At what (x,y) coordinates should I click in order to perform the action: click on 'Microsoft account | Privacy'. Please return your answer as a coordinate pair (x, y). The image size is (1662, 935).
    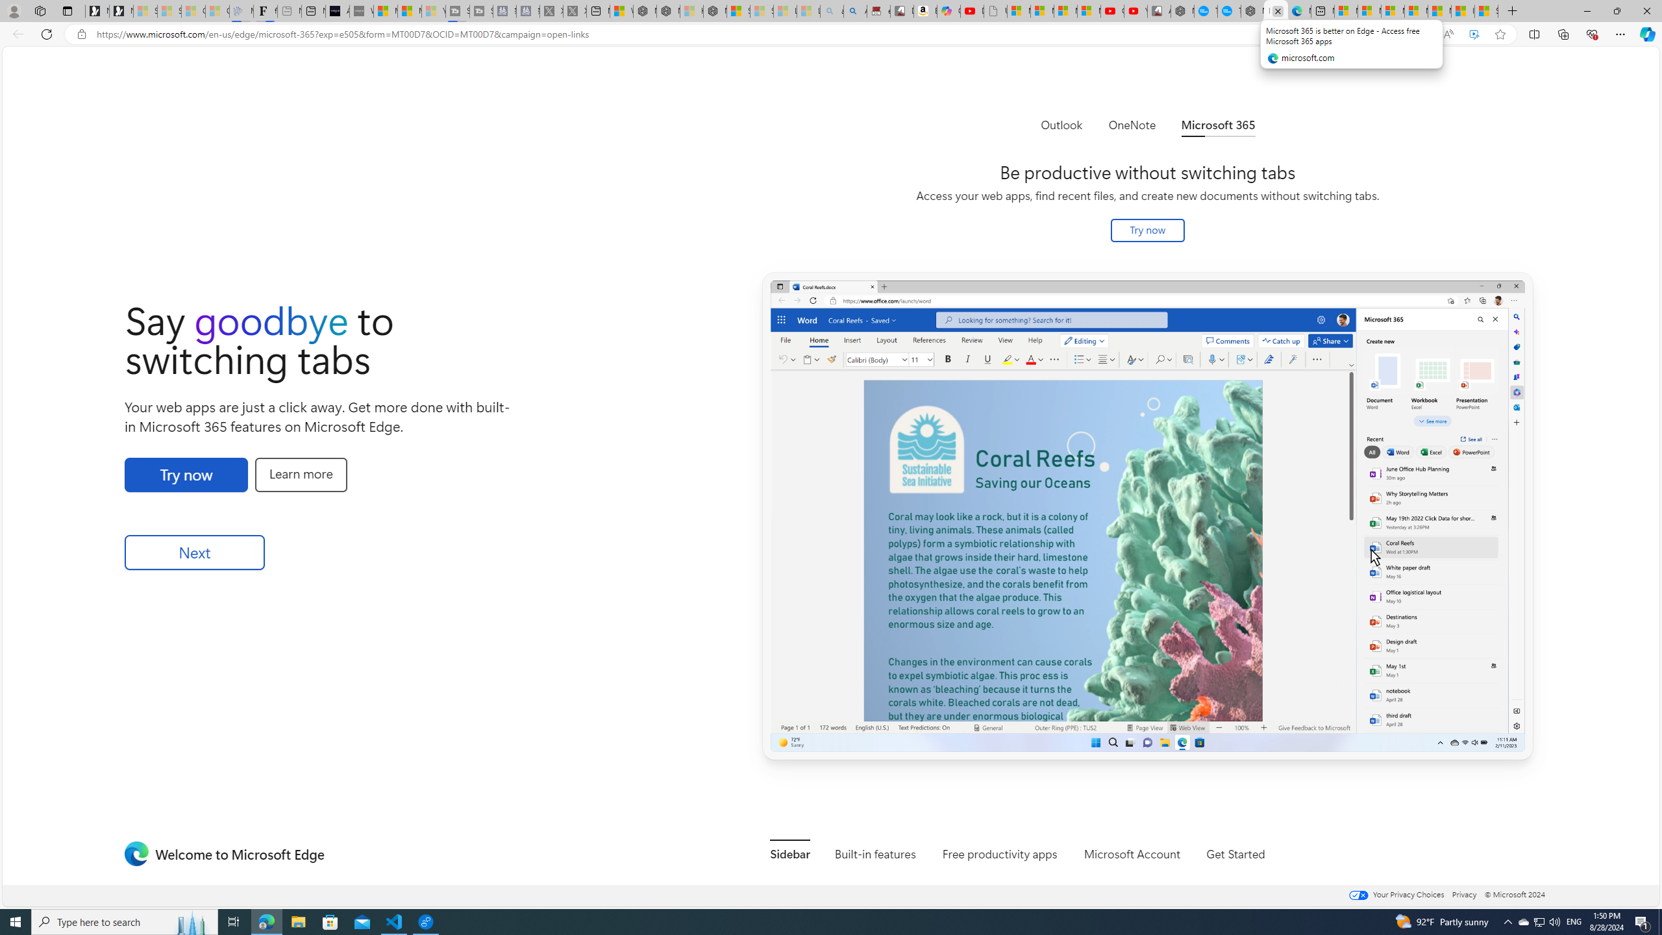
    Looking at the image, I should click on (1415, 10).